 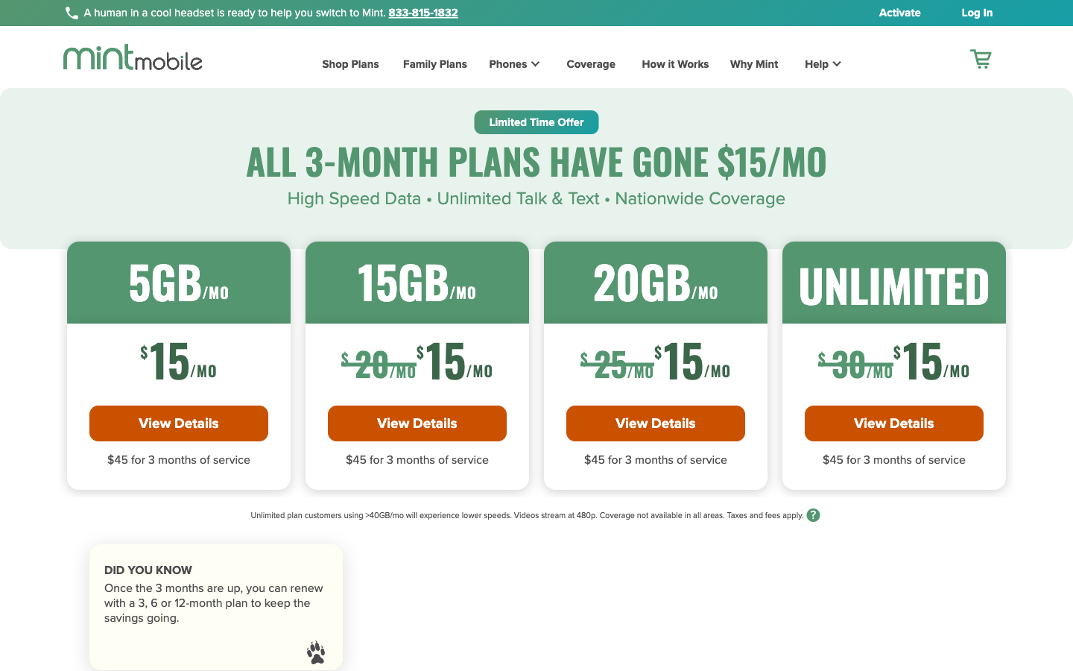 What do you see at coordinates (744, 66) in the screenshot?
I see `the Why Mint page` at bounding box center [744, 66].